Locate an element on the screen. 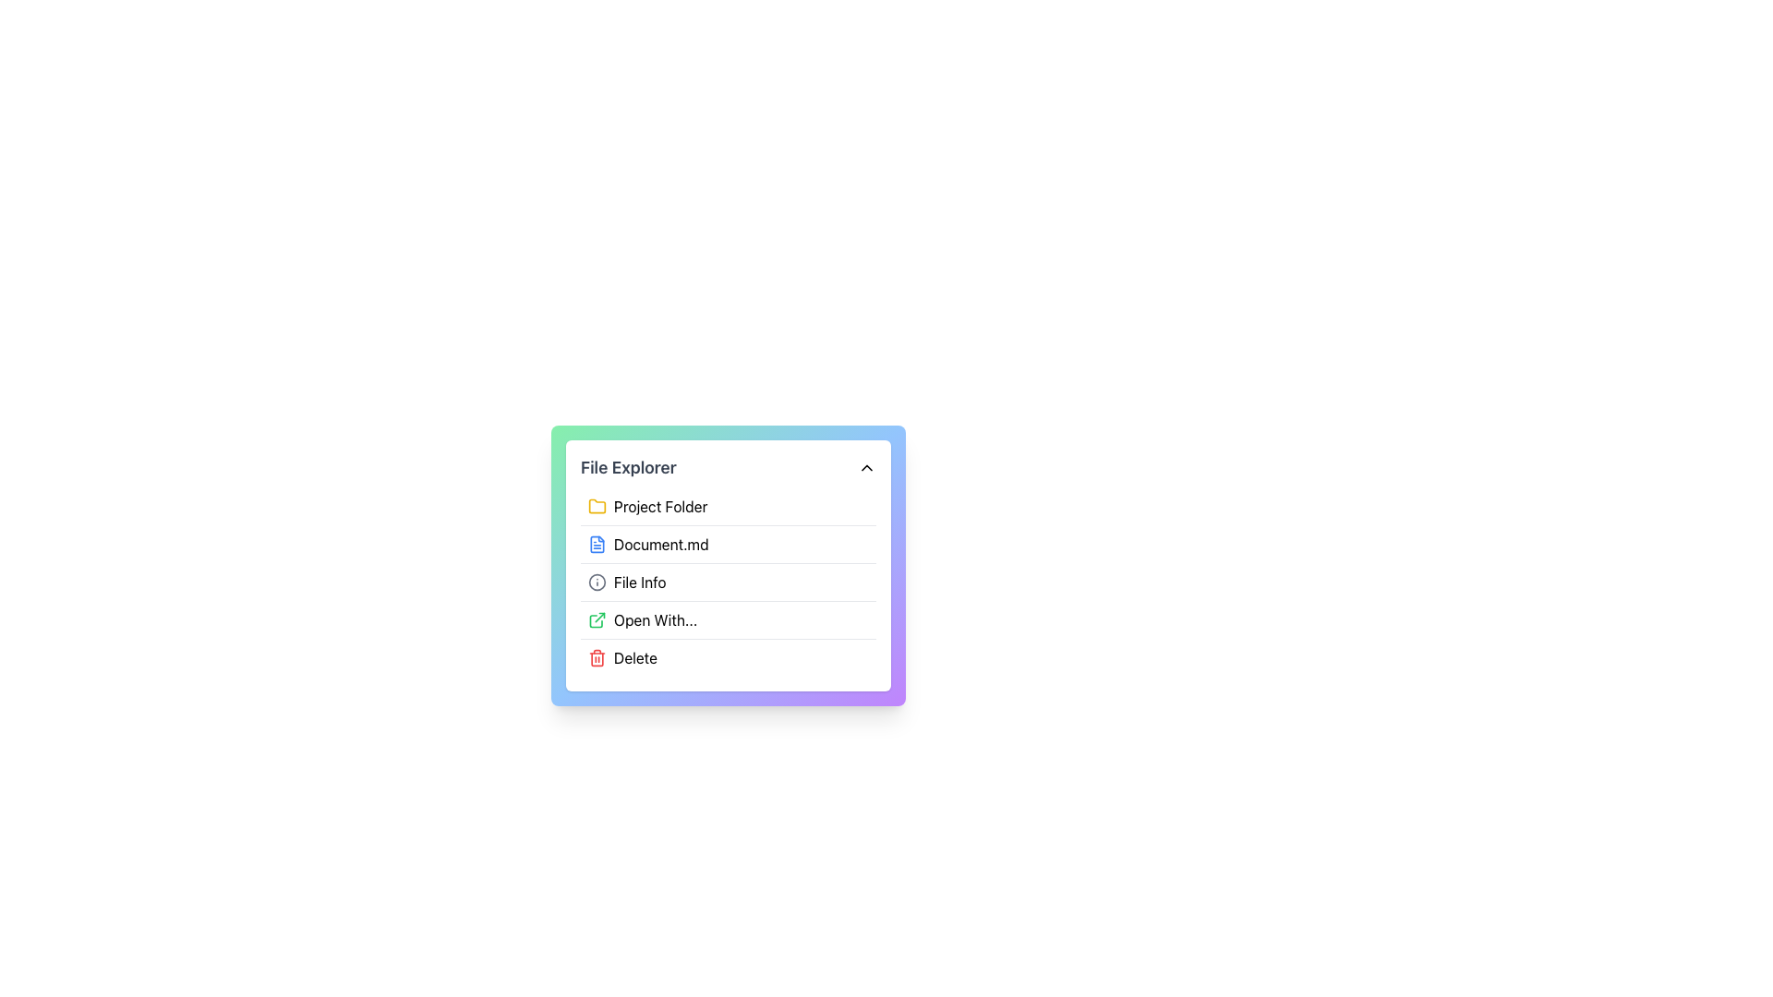 Image resolution: width=1773 pixels, height=997 pixels. the yellow-colored folder-style icon next to the text 'Project Folder' in the 'File Explorer' pop-up window is located at coordinates (597, 506).